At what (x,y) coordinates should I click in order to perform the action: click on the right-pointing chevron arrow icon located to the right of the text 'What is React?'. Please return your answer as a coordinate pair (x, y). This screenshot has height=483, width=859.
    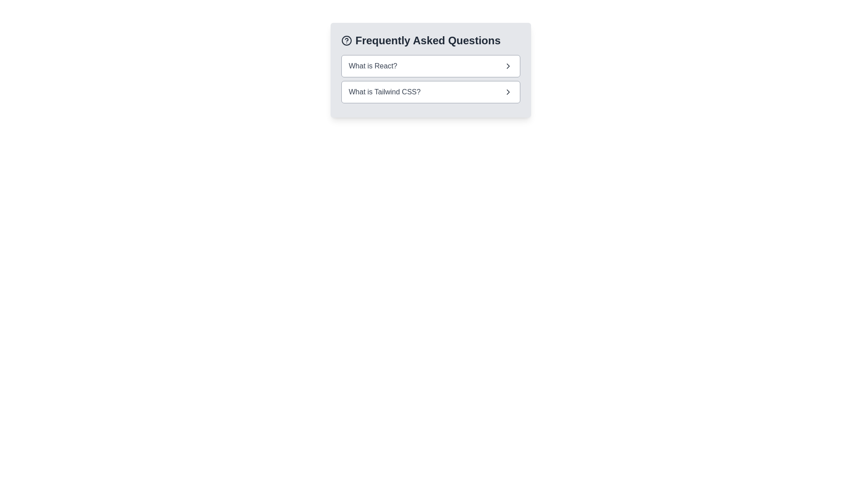
    Looking at the image, I should click on (508, 65).